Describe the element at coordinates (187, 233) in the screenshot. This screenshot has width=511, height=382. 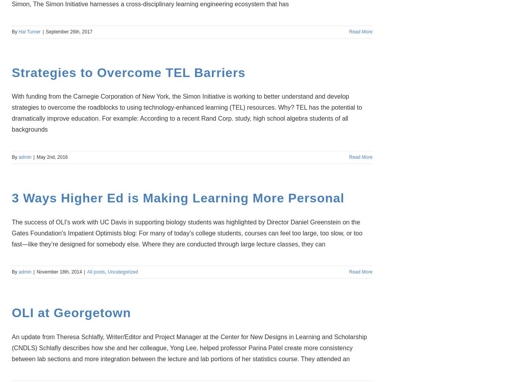
I see `'The success of OLI's work with UC Davis in supporting biology students was highlighted by Director Daniel Greenstein on the Gates Foundation's Impatient Optimists blog: For many of today’s college students, courses can feel too large, too slow, or too fast—like they’re designed for somebody else. Where they are conducted through large lecture classes, they can'` at that location.